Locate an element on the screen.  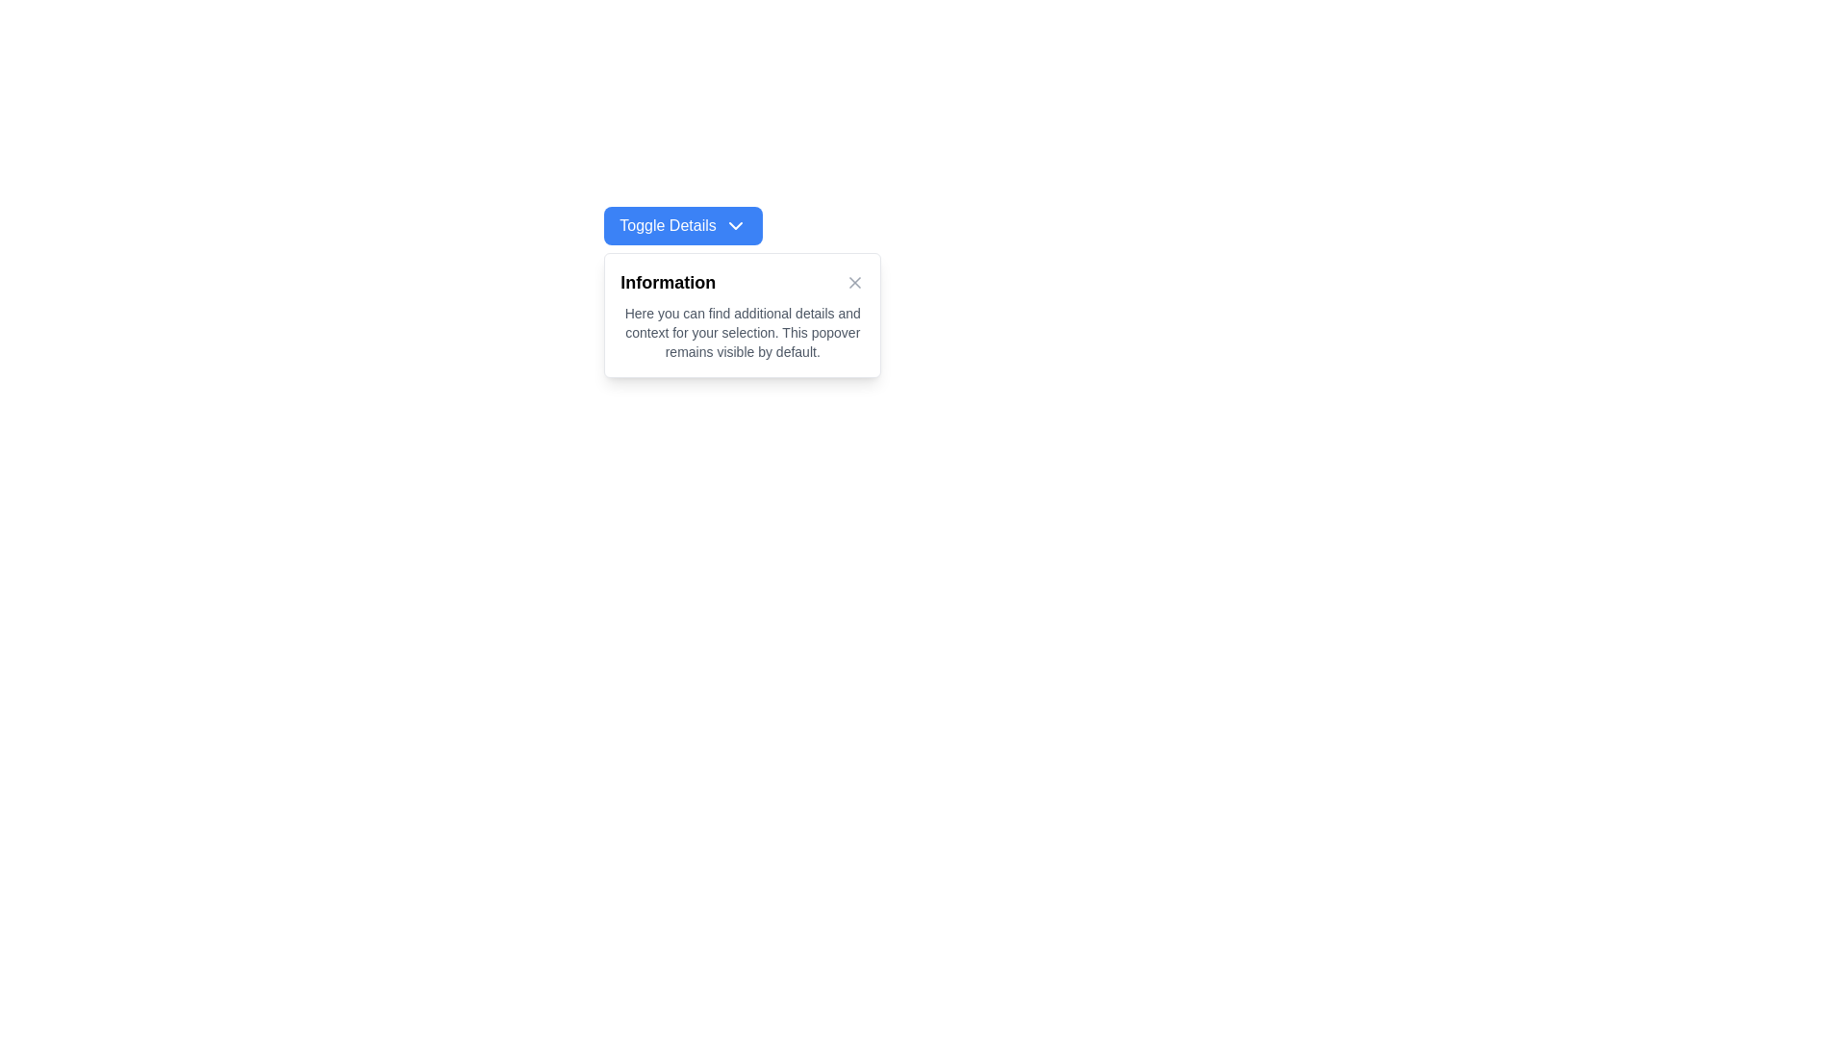
the 'X' close button located at the center of the popover interface is located at coordinates (854, 282).